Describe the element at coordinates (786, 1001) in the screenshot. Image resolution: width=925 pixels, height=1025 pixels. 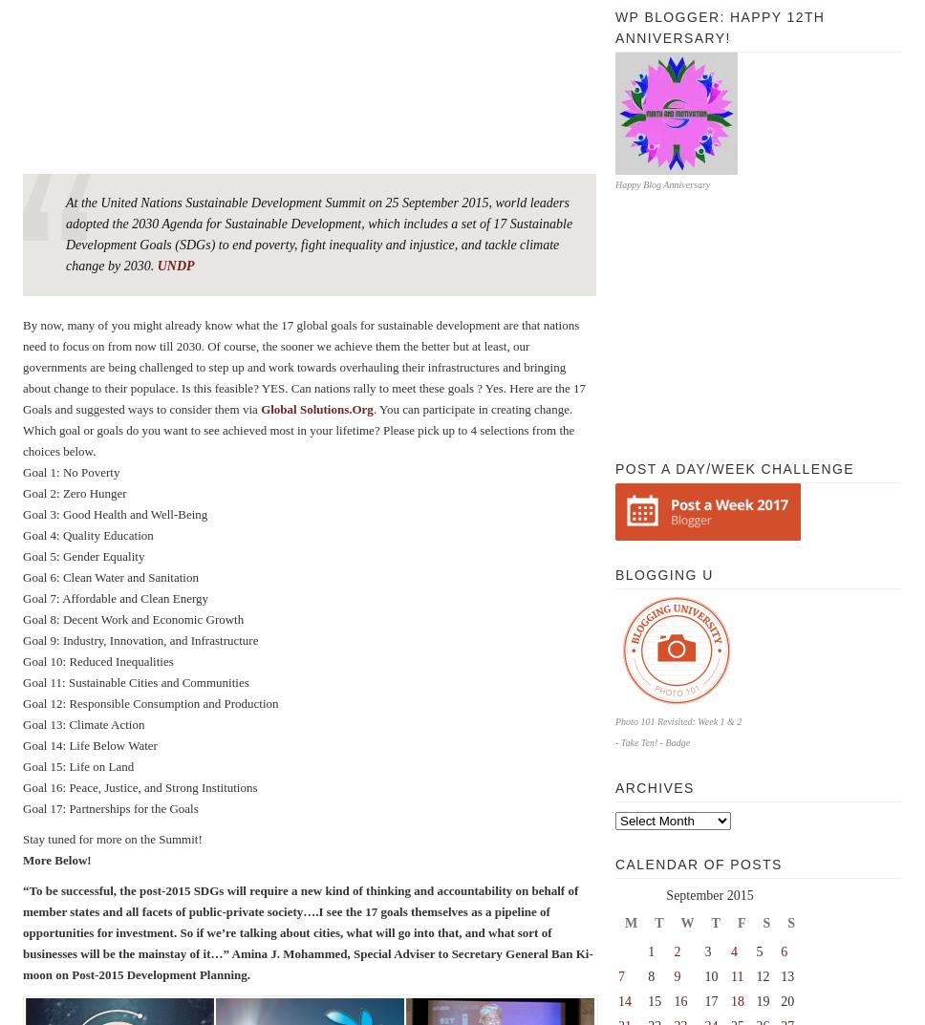
I see `'20'` at that location.